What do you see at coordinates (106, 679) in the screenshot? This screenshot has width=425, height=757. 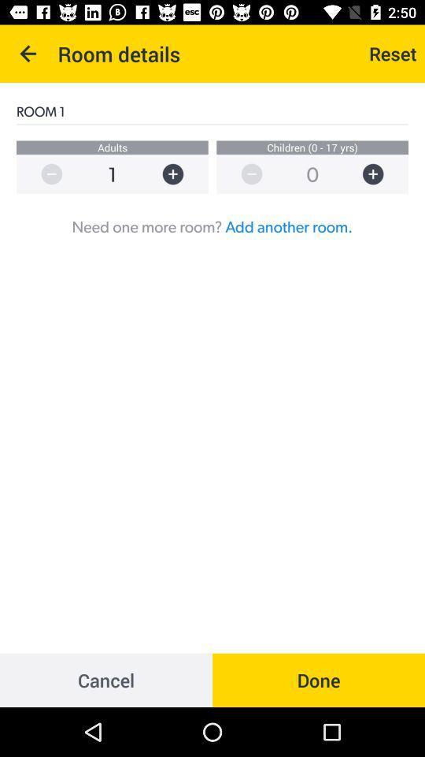 I see `item at the bottom left corner` at bounding box center [106, 679].